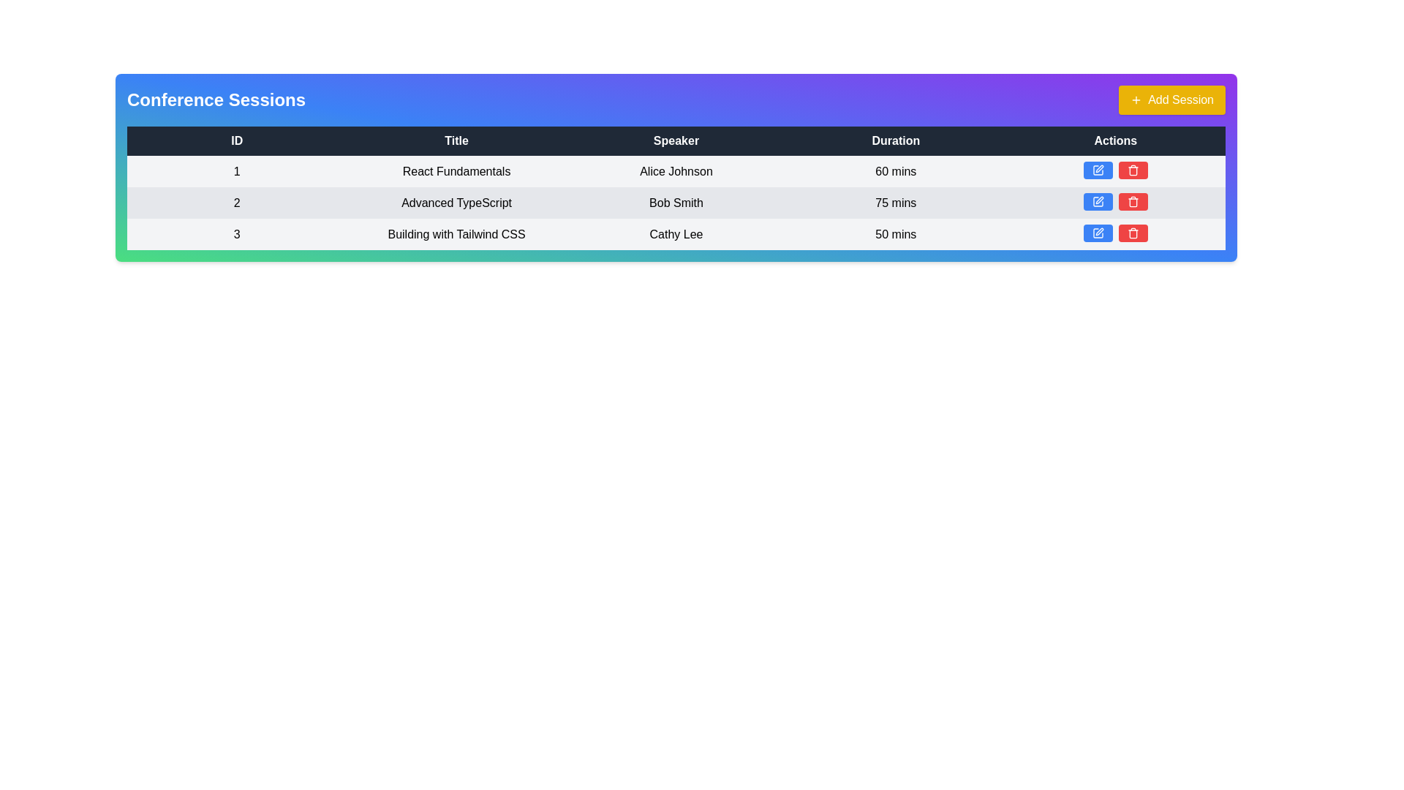 The width and height of the screenshot is (1404, 790). I want to click on the SVG-based edit icon, which resembles a pen symbol, located in the third row of the 'Actions' column for the session titled 'Building with Tailwind CSS', so click(1099, 200).